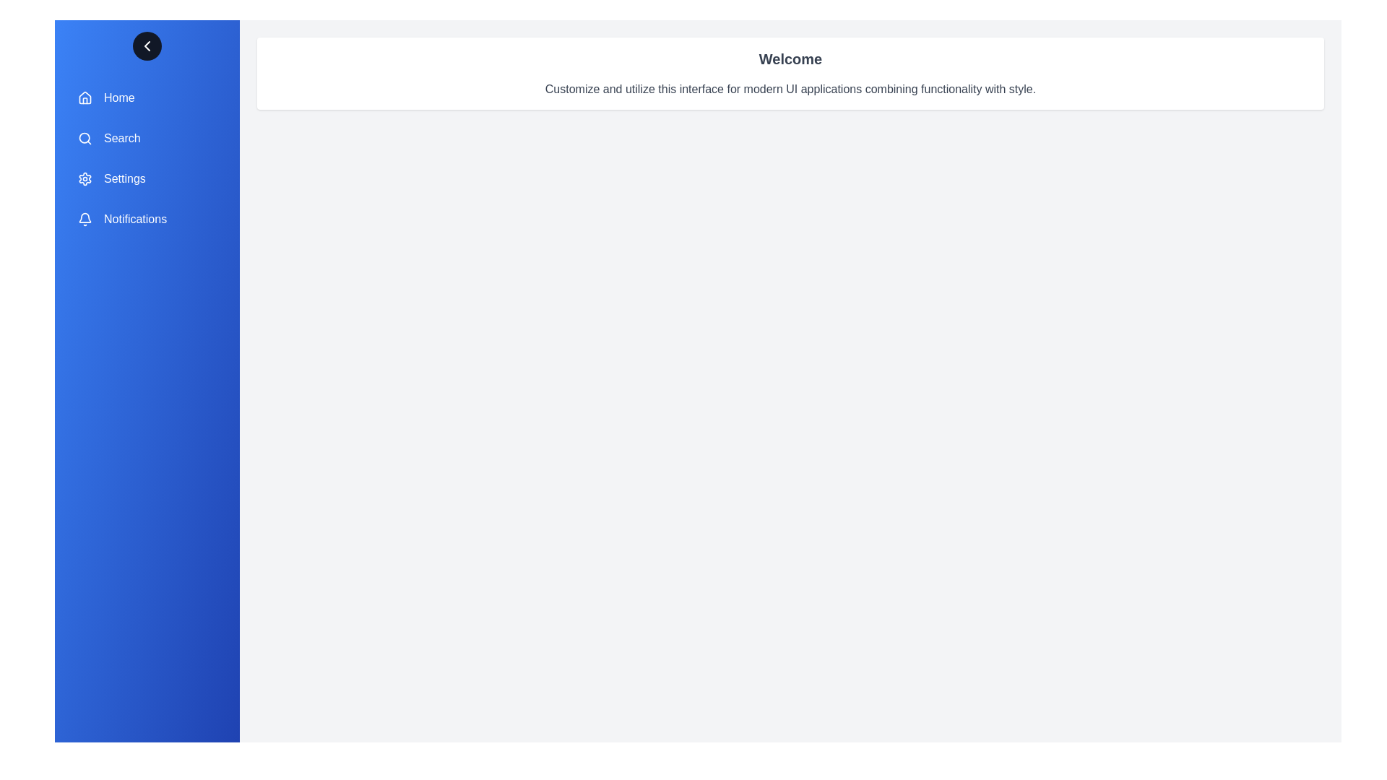 The height and width of the screenshot is (780, 1387). What do you see at coordinates (790, 58) in the screenshot?
I see `the welcome text to focus on it` at bounding box center [790, 58].